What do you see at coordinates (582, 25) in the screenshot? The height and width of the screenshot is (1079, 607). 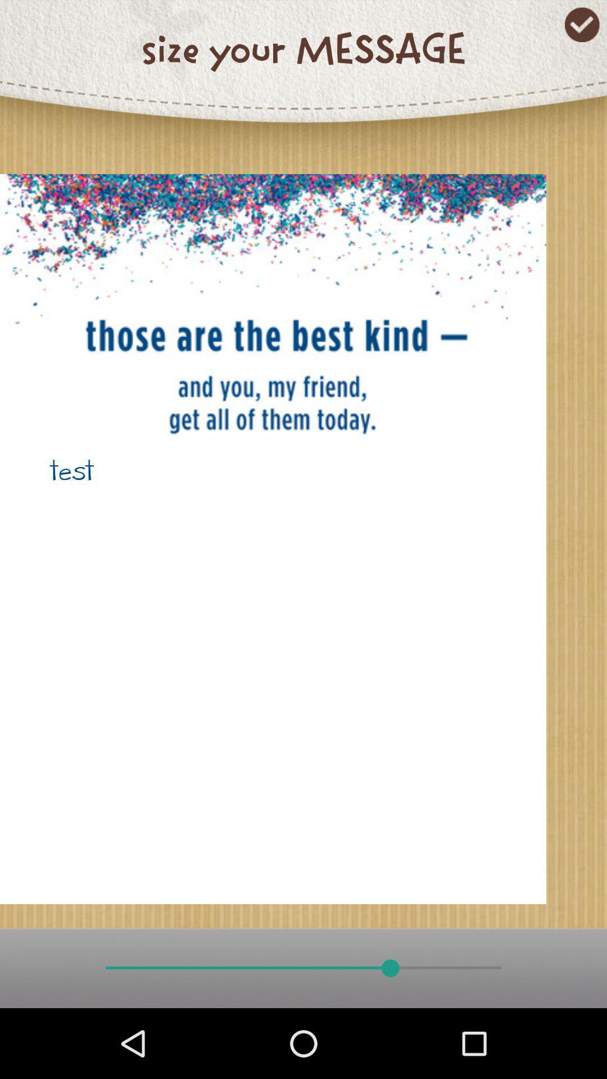 I see `item next to the size your message icon` at bounding box center [582, 25].